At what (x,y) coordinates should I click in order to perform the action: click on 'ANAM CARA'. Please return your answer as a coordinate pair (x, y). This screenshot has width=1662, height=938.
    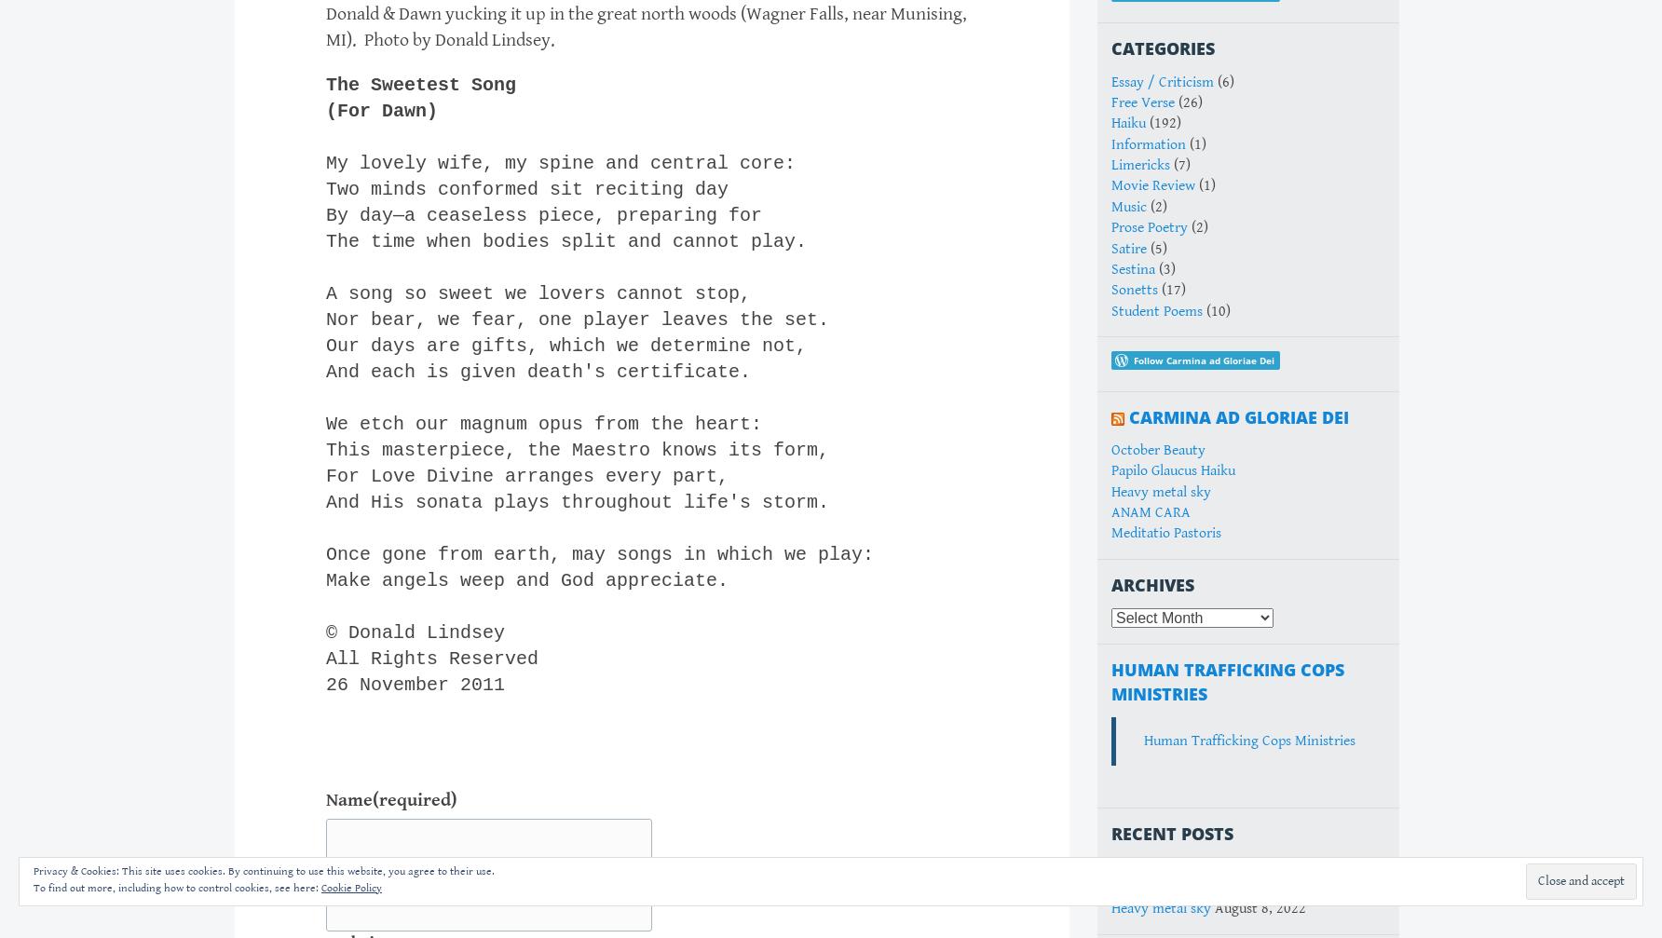
    Looking at the image, I should click on (1150, 511).